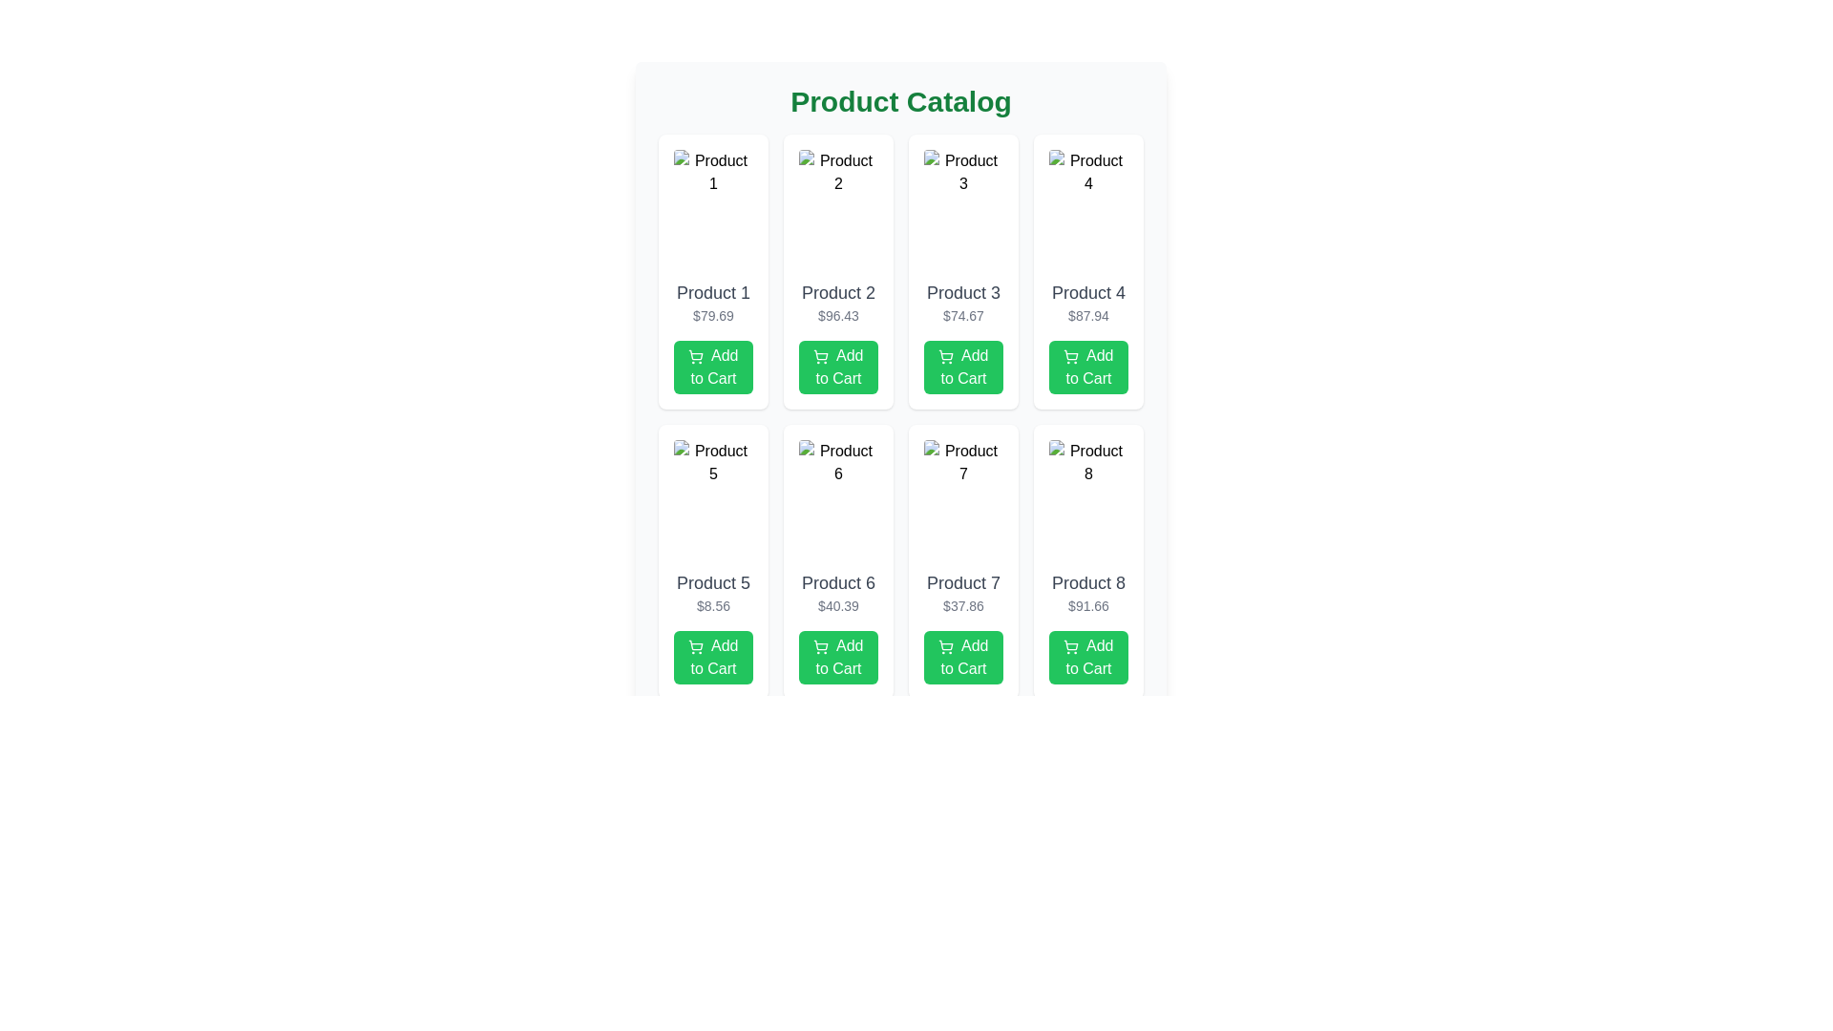 Image resolution: width=1833 pixels, height=1031 pixels. What do you see at coordinates (963, 657) in the screenshot?
I see `the green 'Add to Cart' button with rounded corners located in the card for 'Product 7'` at bounding box center [963, 657].